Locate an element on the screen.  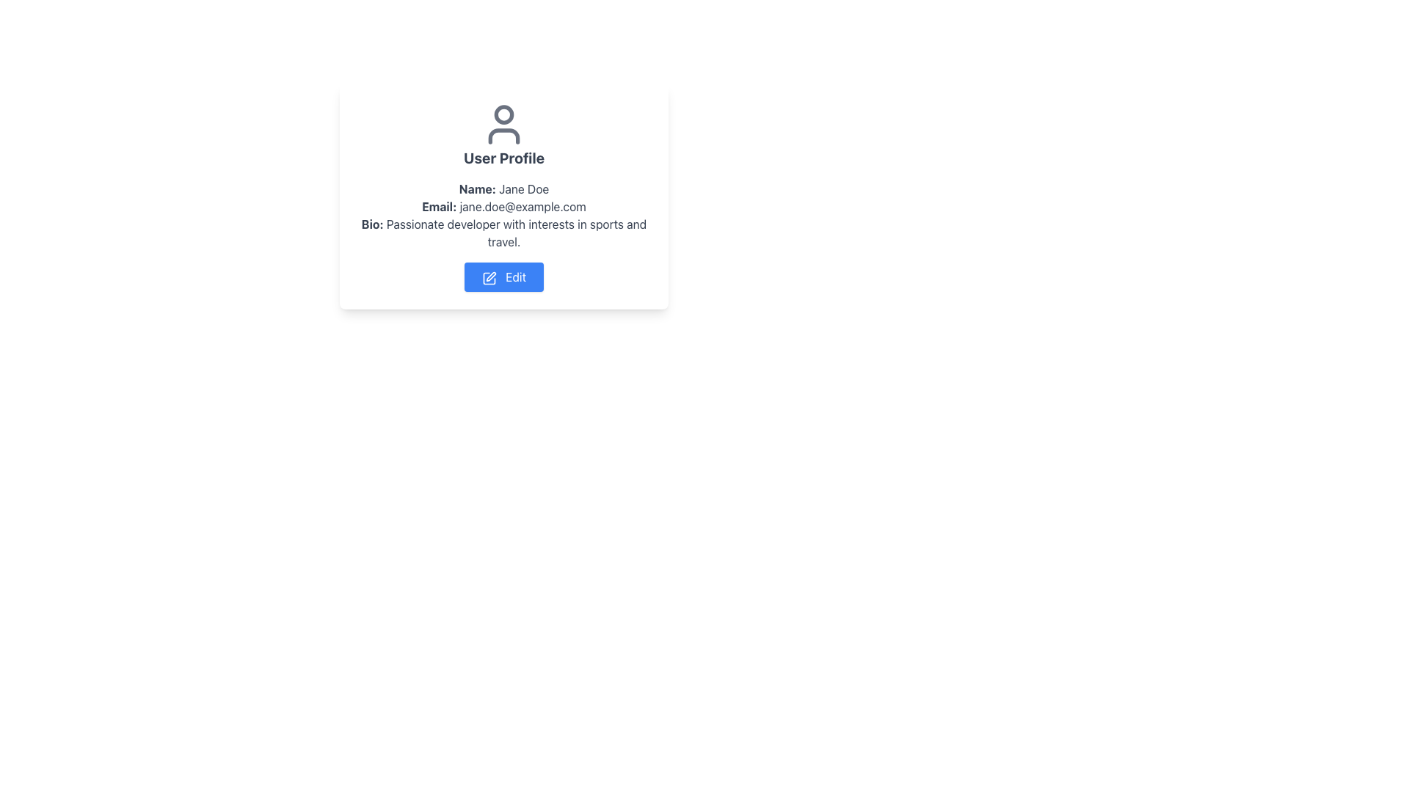
the text label displaying 'Email:' which is styled in bold font and located within the profile card layout under the 'User Profile' title is located at coordinates (438, 206).